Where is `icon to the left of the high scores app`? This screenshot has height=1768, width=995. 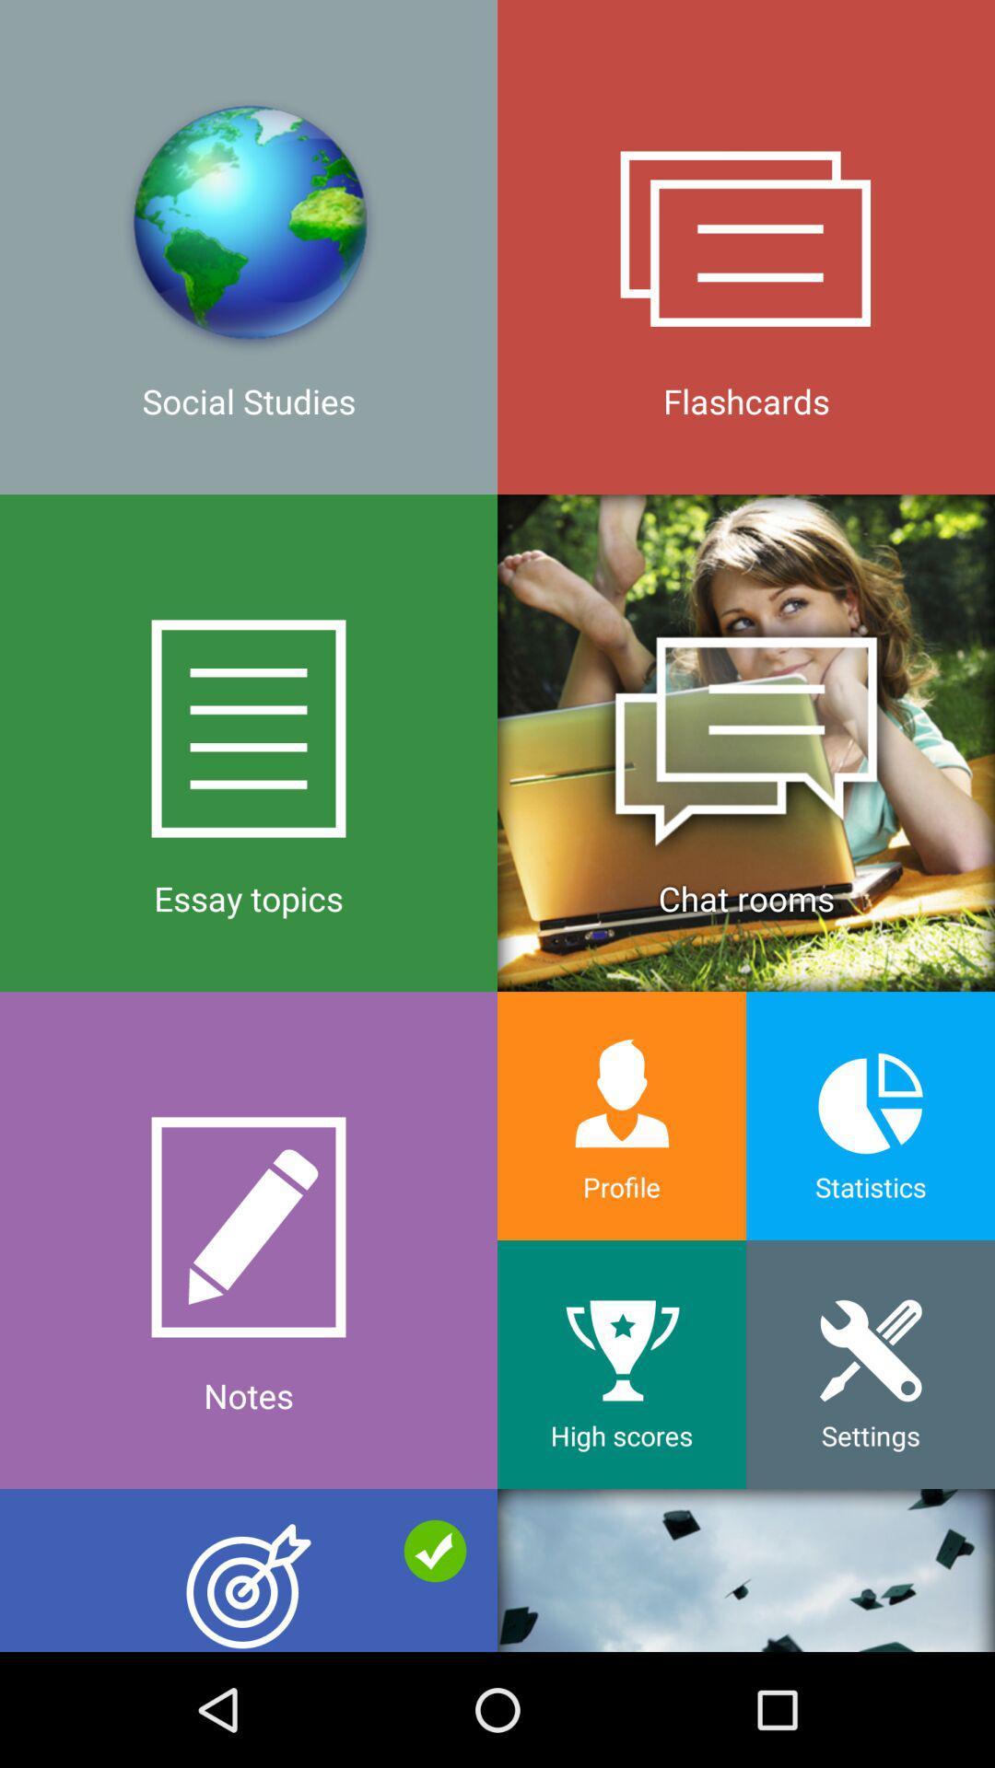 icon to the left of the high scores app is located at coordinates (249, 1569).